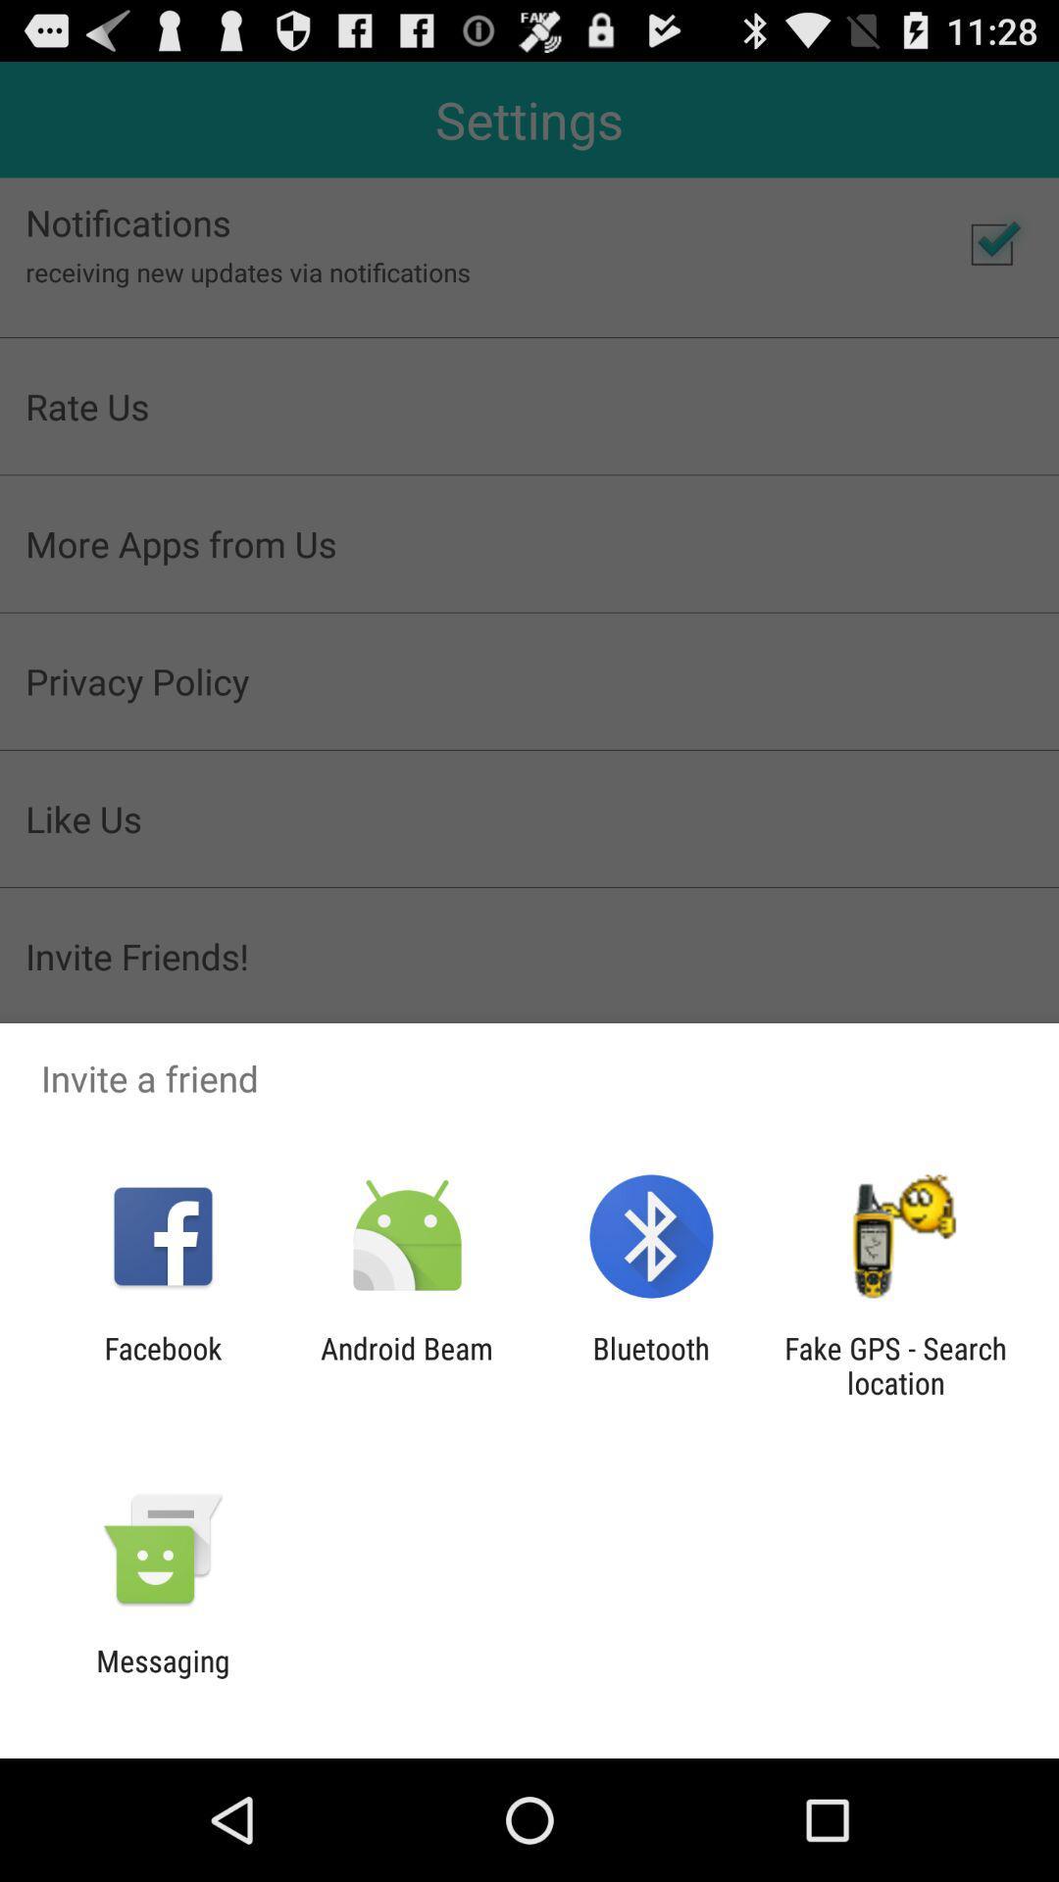 This screenshot has height=1882, width=1059. I want to click on item to the right of bluetooth icon, so click(895, 1364).